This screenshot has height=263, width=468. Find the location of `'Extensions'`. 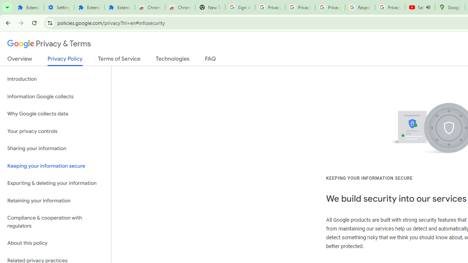

'Extensions' is located at coordinates (120, 7).